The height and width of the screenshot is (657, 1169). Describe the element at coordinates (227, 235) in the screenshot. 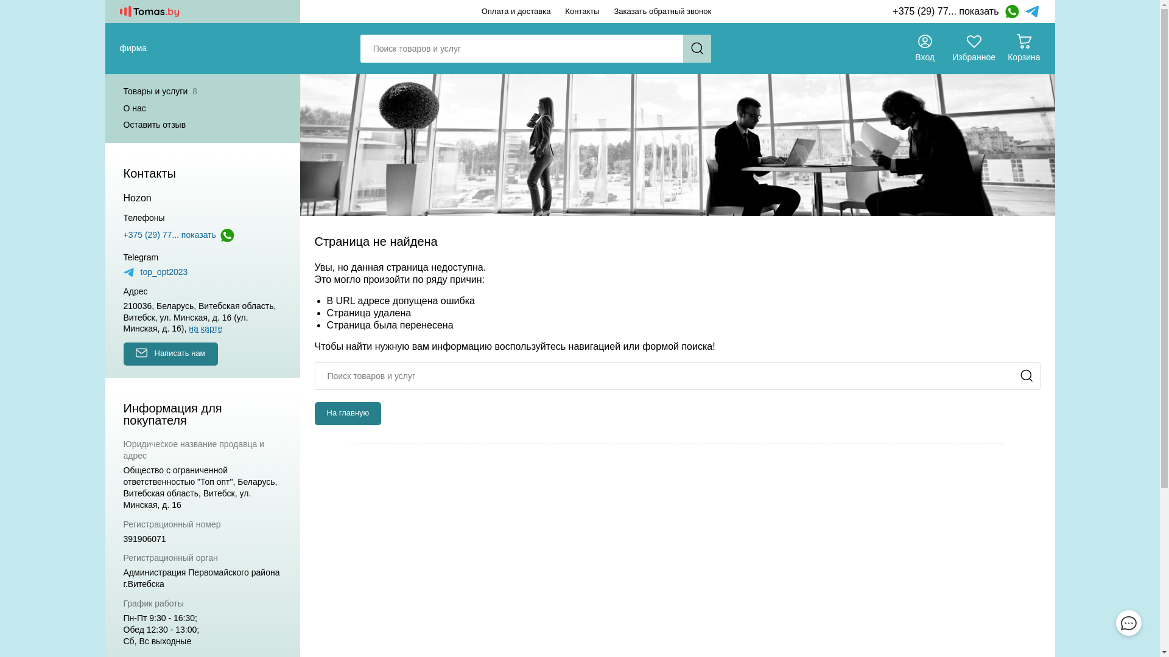

I see `'WhatsApp'` at that location.